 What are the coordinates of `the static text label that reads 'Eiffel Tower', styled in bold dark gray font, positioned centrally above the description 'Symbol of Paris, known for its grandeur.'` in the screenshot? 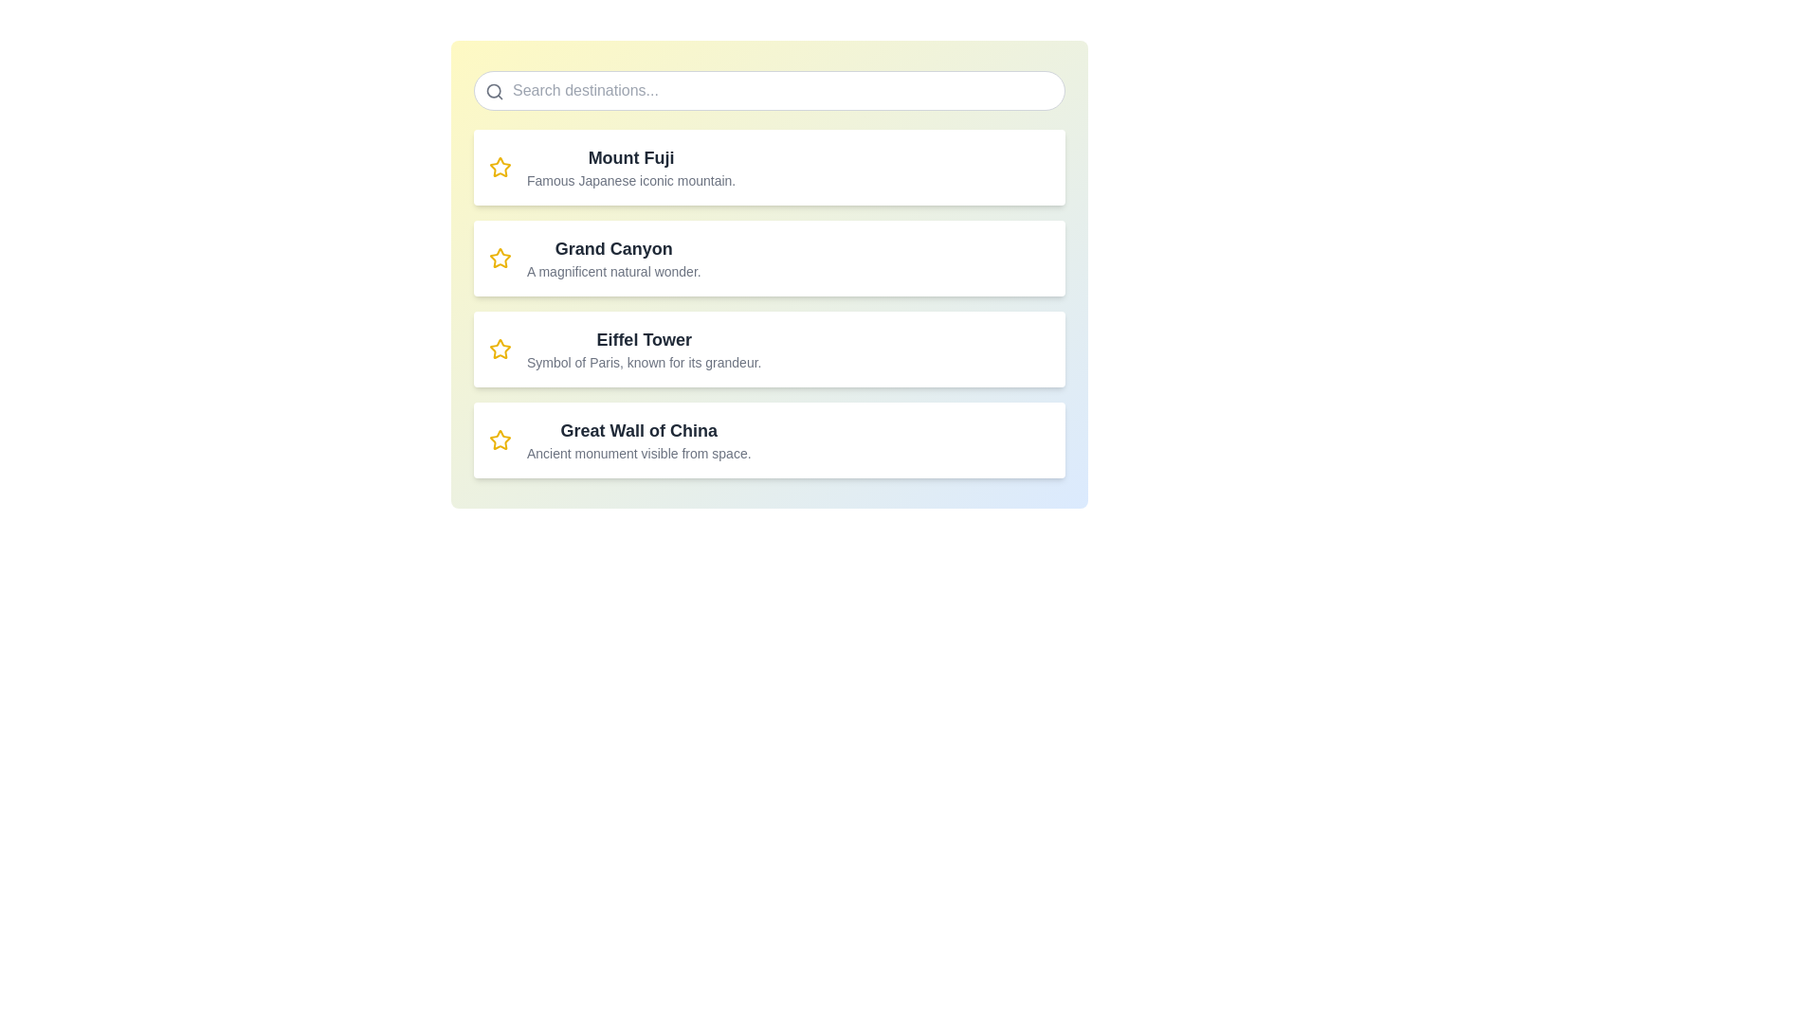 It's located at (644, 338).